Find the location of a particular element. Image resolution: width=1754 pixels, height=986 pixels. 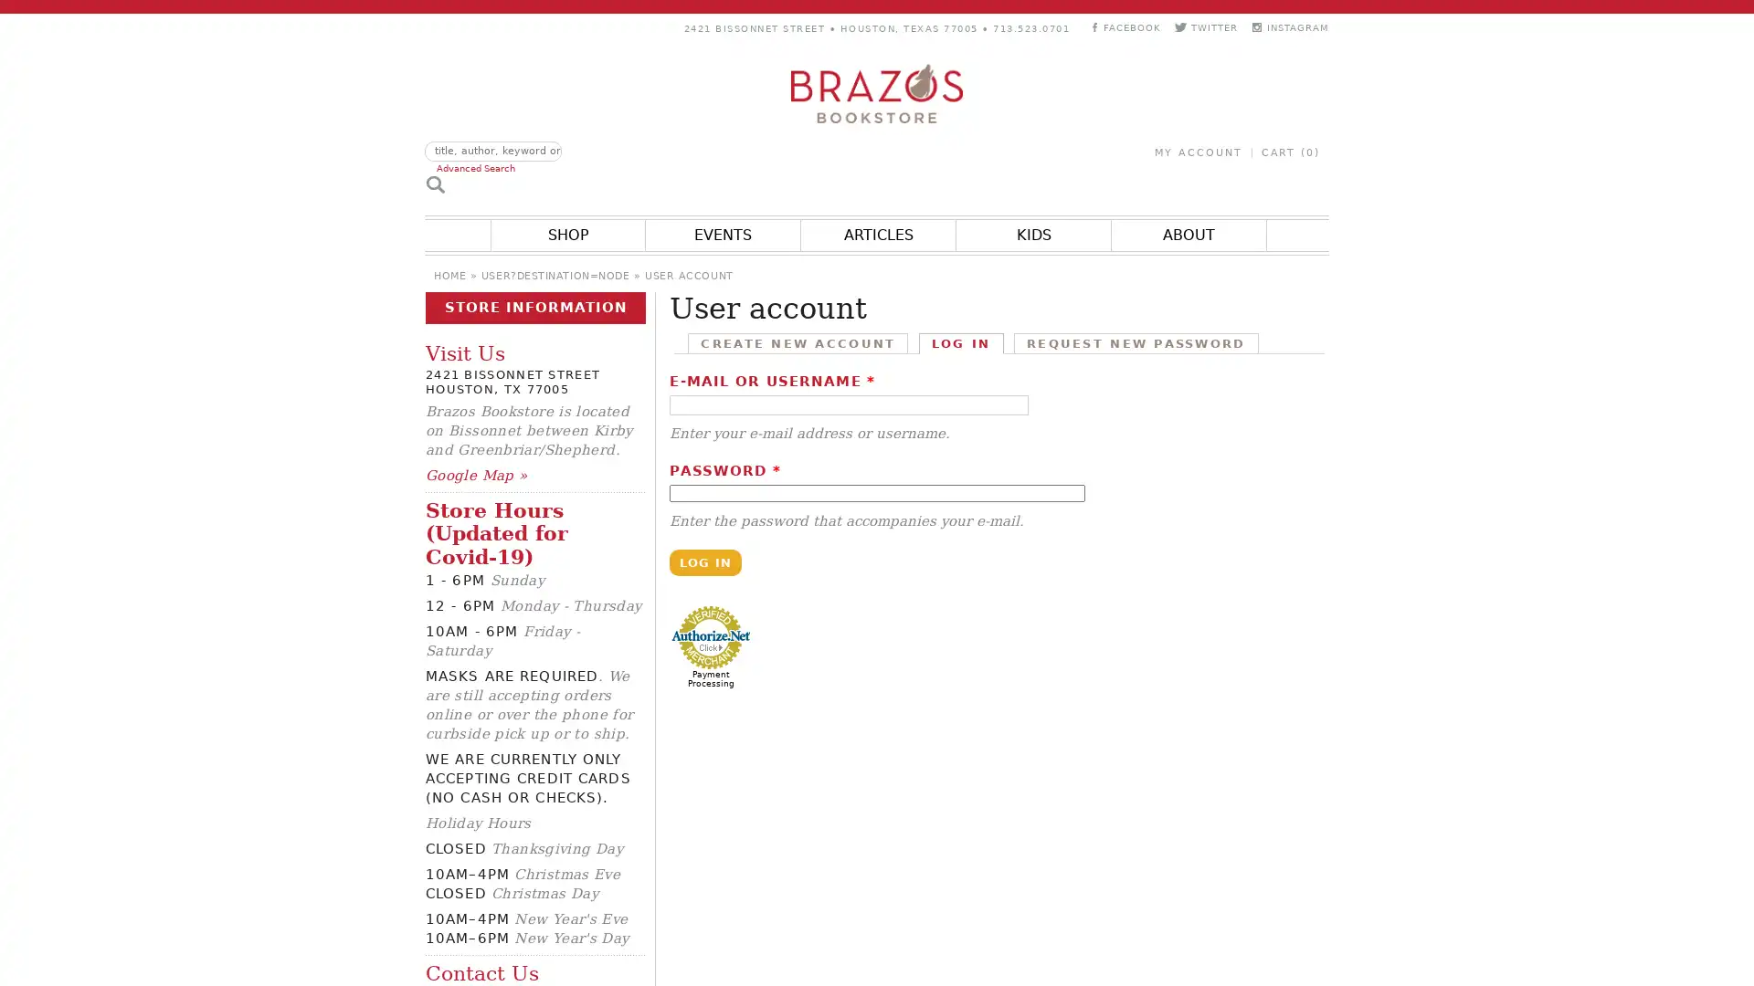

Search is located at coordinates (434, 183).